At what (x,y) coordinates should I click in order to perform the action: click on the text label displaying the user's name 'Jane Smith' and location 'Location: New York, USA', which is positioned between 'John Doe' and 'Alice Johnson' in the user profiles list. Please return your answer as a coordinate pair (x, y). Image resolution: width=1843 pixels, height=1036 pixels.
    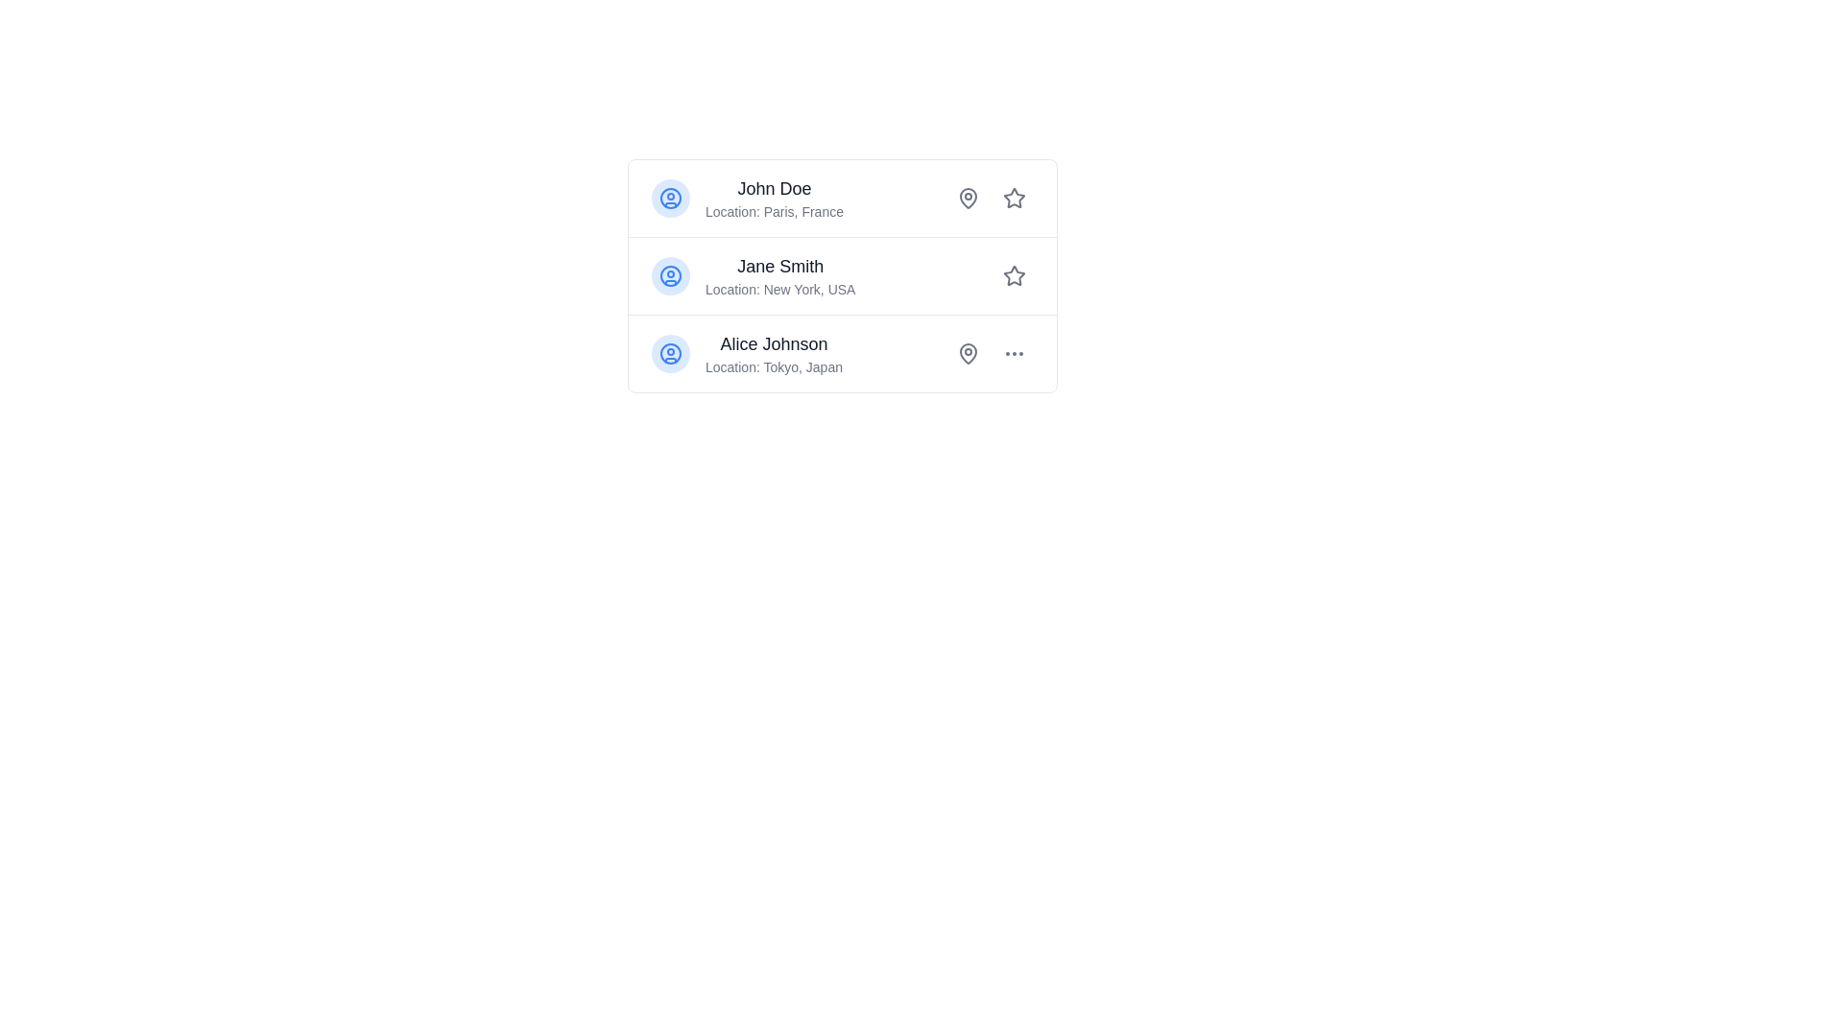
    Looking at the image, I should click on (753, 276).